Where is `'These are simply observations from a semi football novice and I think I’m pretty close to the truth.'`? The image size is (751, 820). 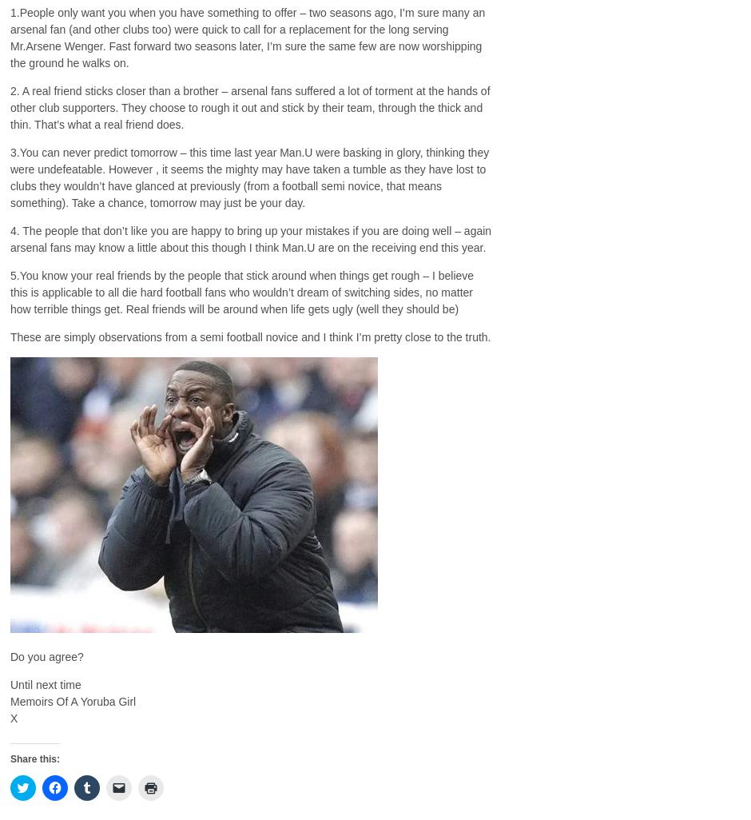
'These are simply observations from a semi football novice and I think I’m pretty close to the truth.' is located at coordinates (249, 336).